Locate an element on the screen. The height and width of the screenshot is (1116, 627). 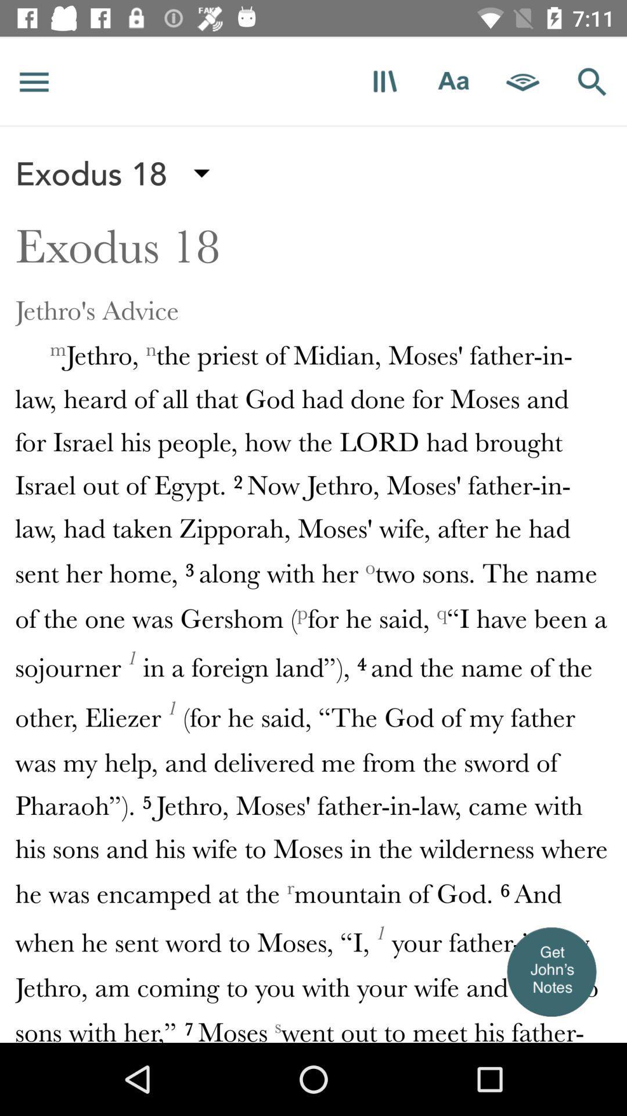
icon at the bottom right corner is located at coordinates (550, 971).